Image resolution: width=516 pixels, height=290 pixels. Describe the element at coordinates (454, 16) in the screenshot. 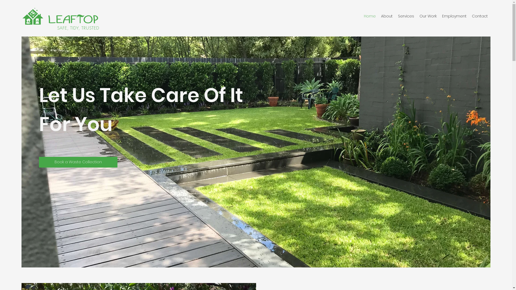

I see `'Employment'` at that location.